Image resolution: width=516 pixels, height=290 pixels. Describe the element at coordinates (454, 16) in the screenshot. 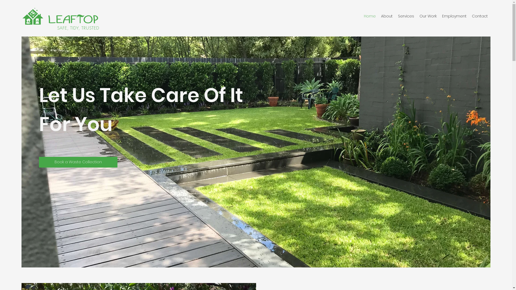

I see `'Employment'` at that location.